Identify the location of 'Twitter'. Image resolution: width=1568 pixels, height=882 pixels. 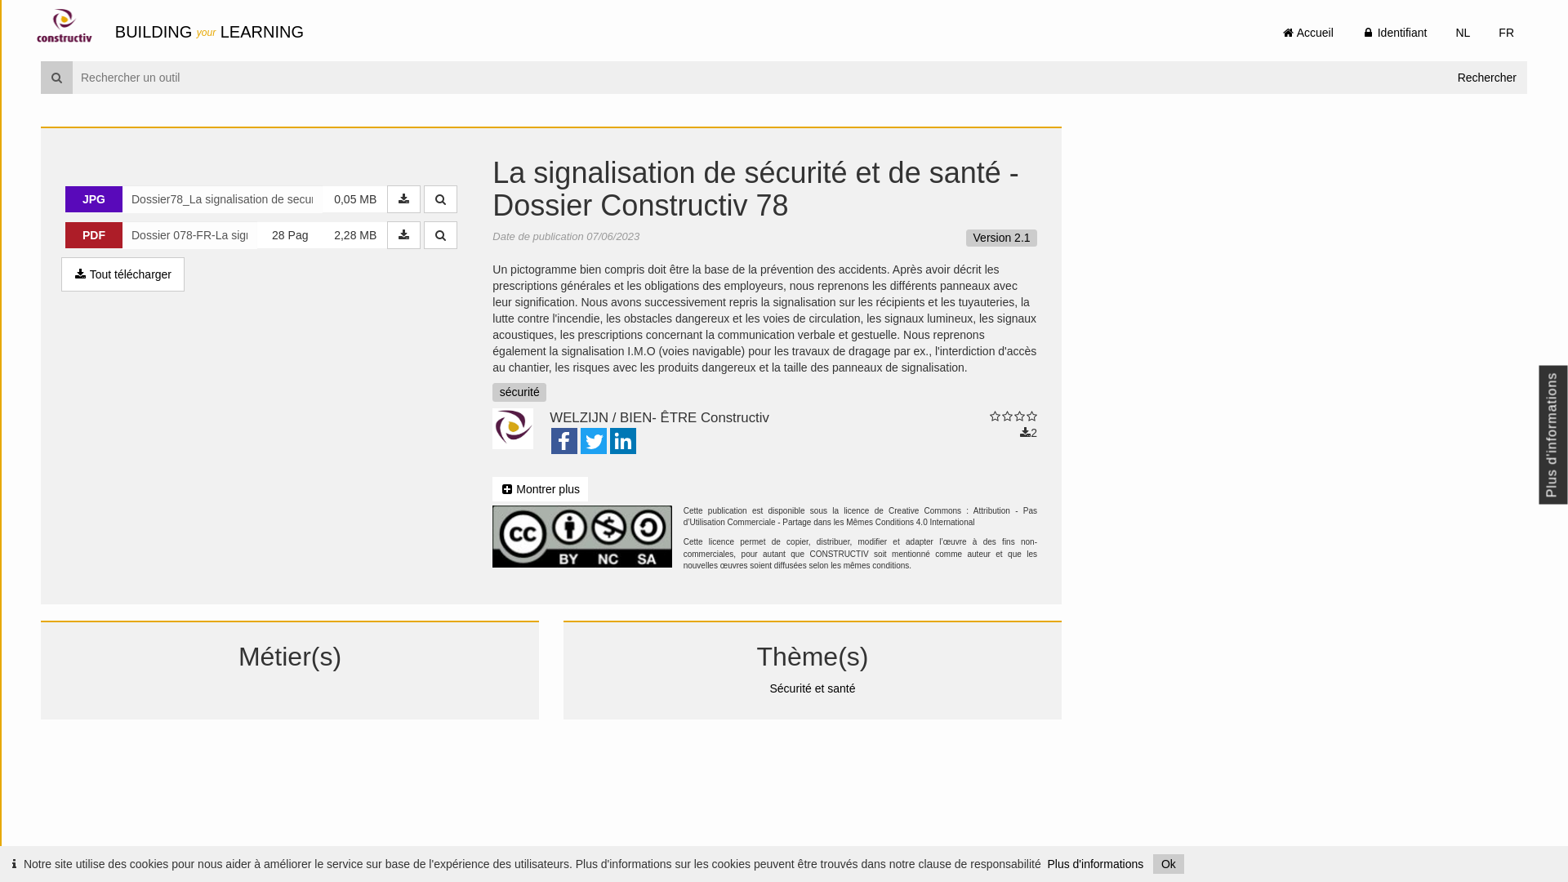
(592, 442).